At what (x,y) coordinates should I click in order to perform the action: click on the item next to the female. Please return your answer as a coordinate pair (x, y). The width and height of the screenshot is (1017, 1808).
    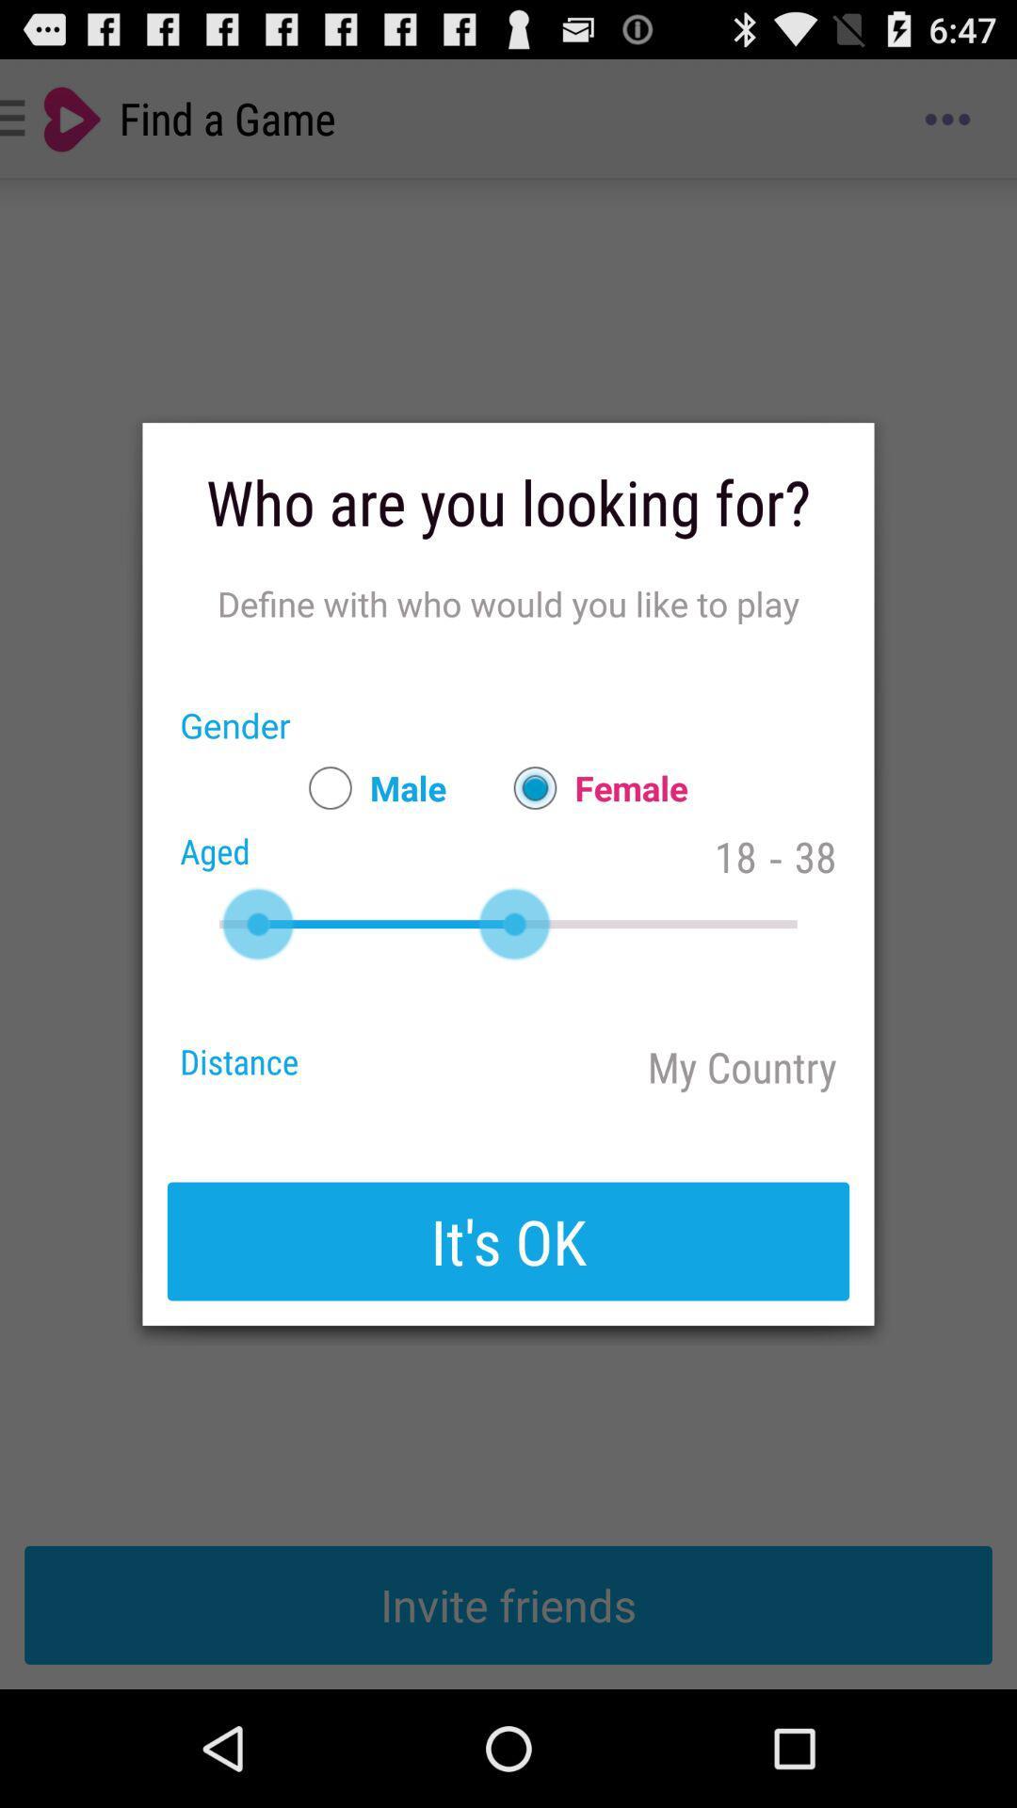
    Looking at the image, I should click on (368, 787).